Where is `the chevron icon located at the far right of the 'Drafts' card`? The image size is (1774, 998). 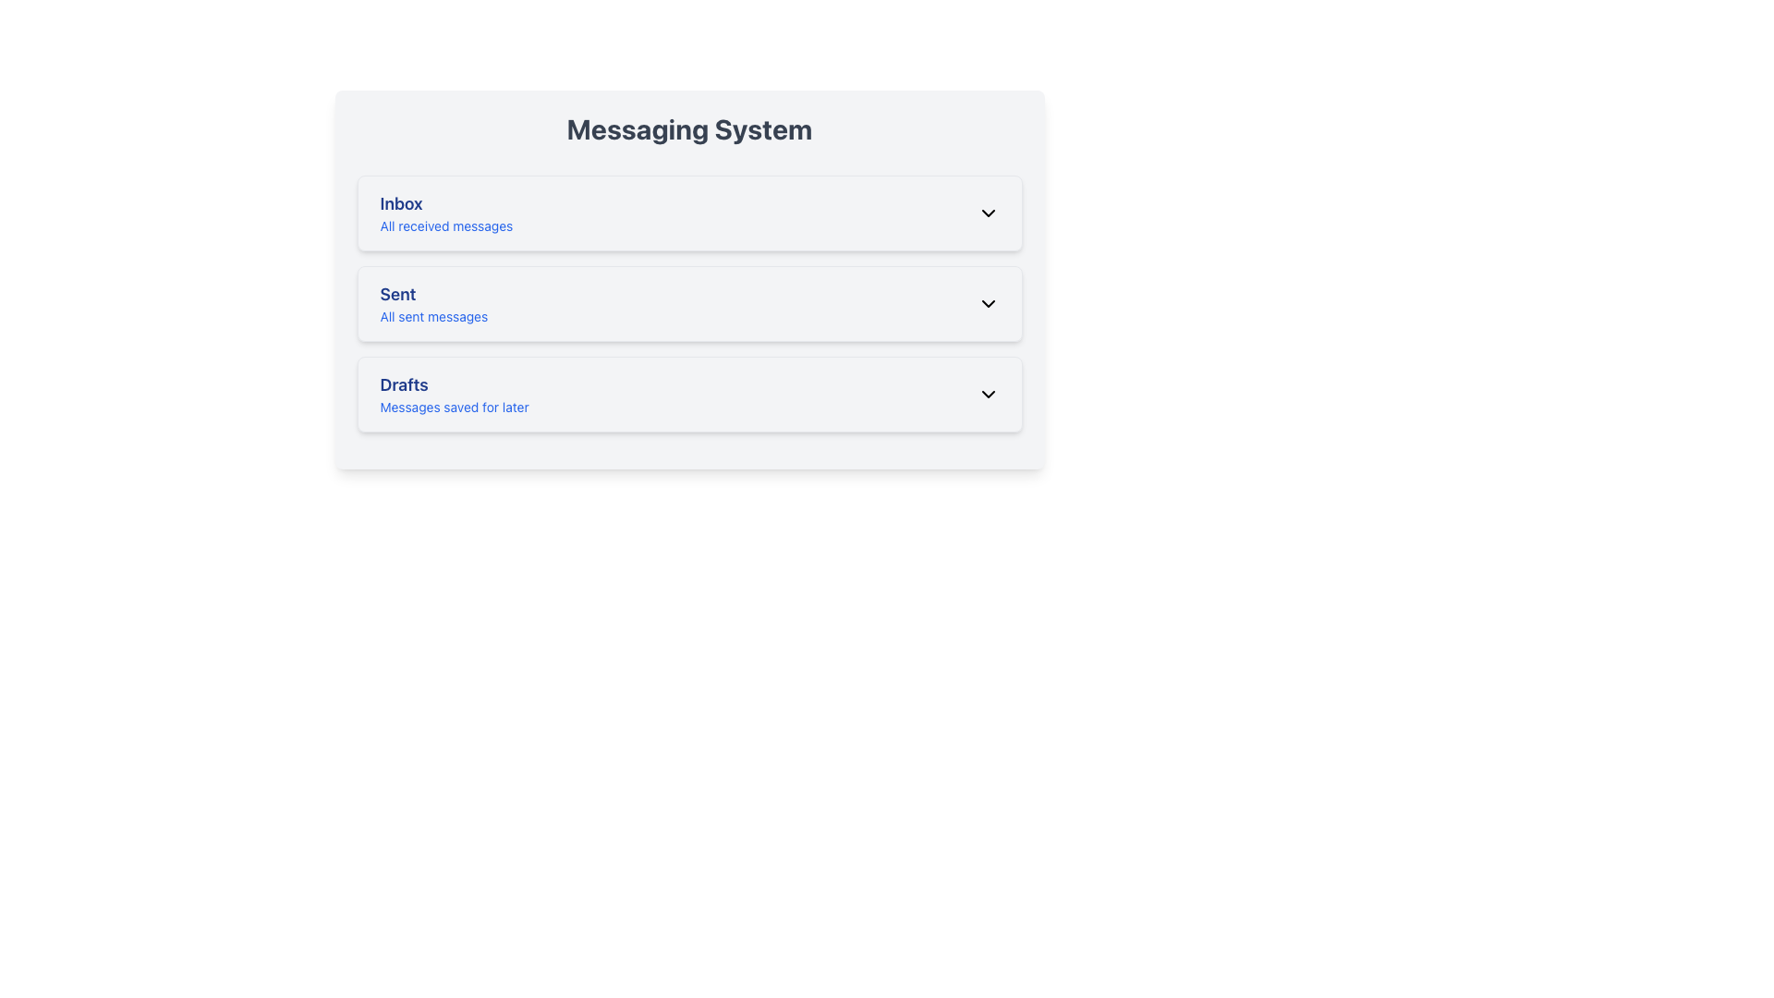 the chevron icon located at the far right of the 'Drafts' card is located at coordinates (987, 394).